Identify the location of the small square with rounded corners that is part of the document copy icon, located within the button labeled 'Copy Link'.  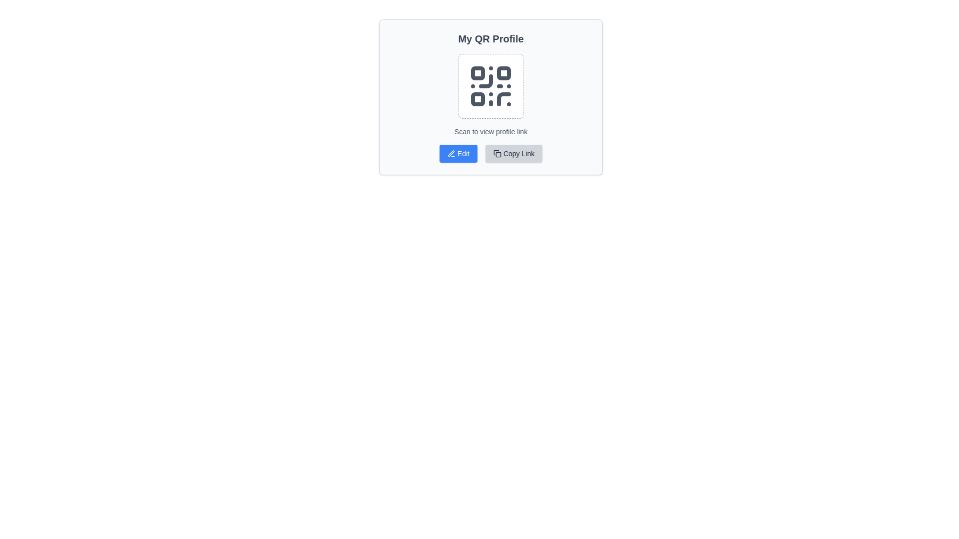
(498, 154).